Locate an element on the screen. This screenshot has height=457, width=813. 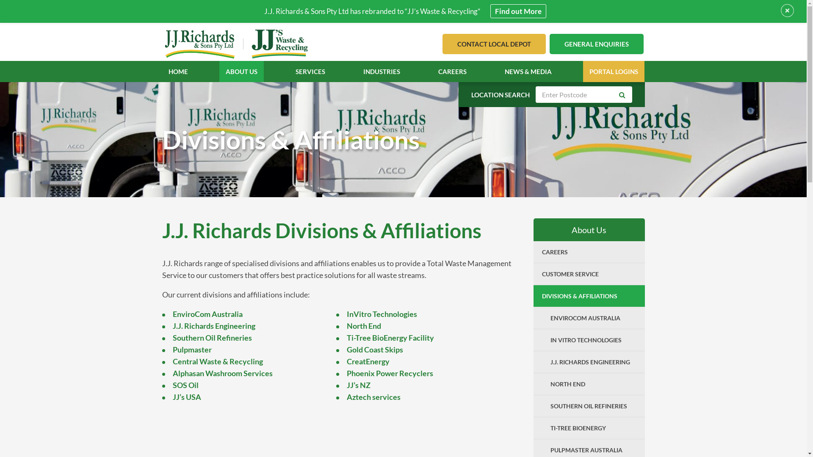
'TI-TREE BIOENERGY' is located at coordinates (593, 428).